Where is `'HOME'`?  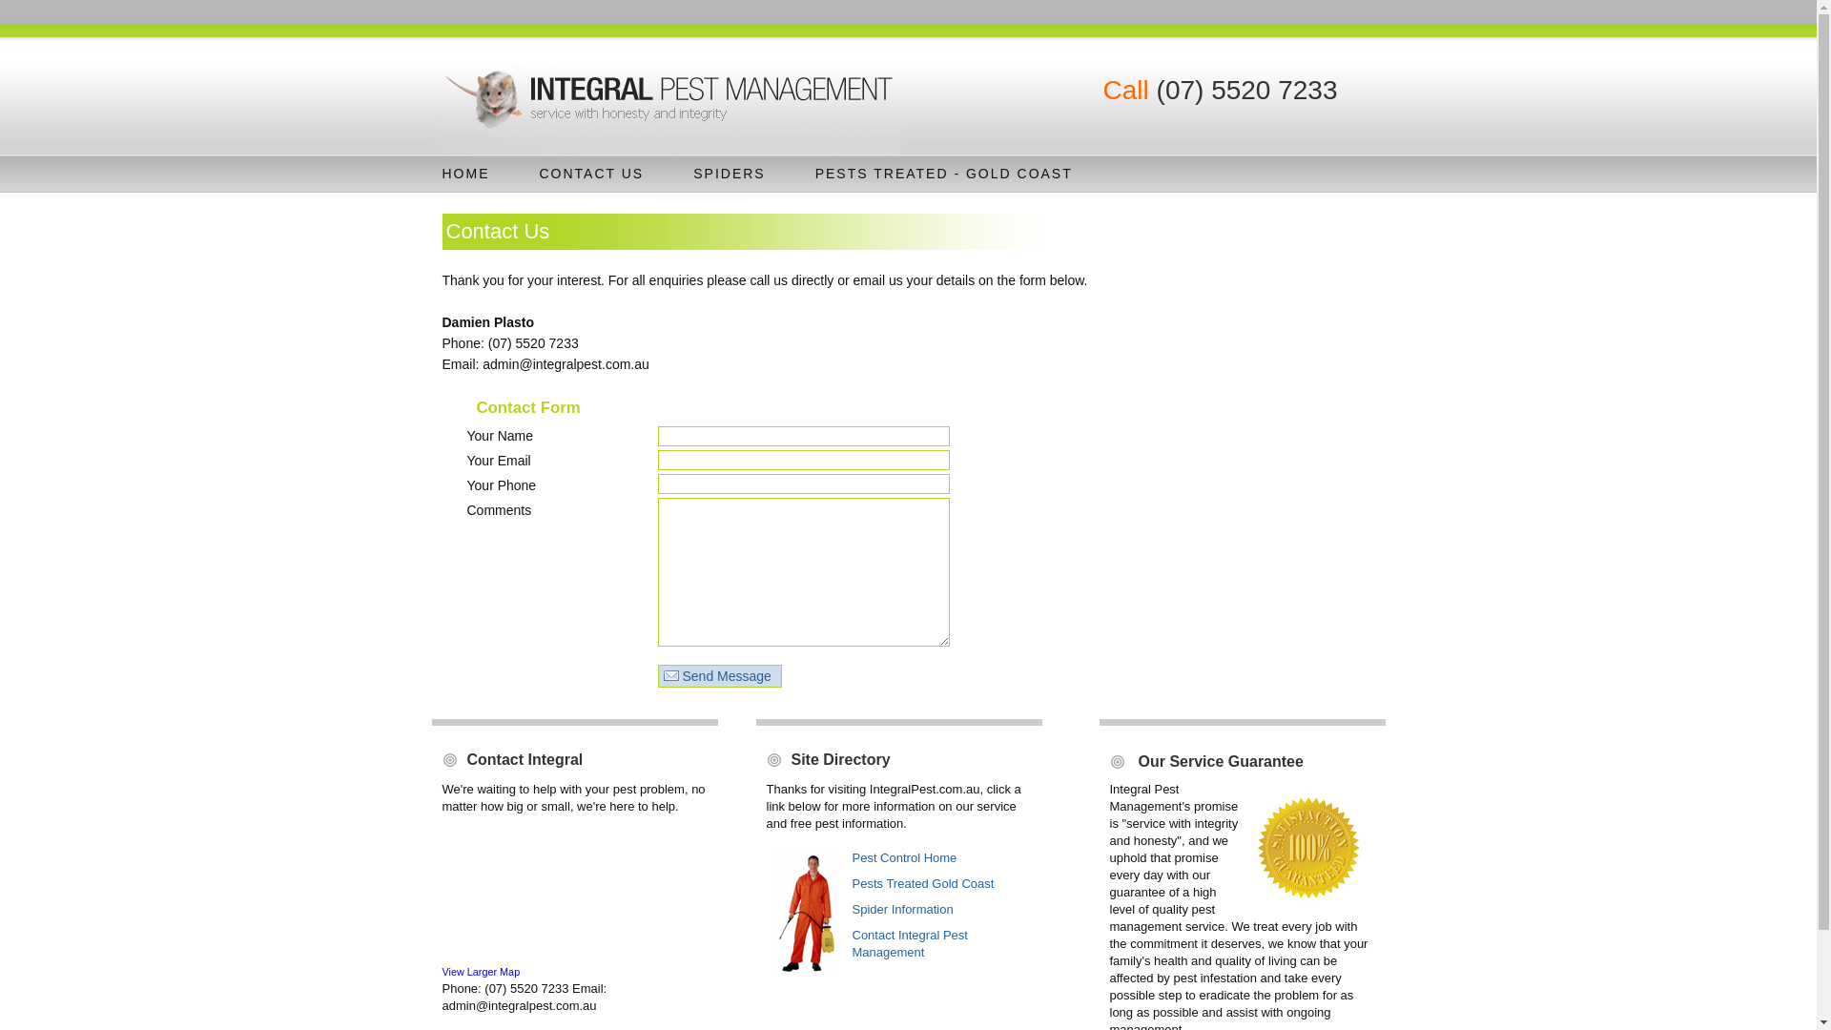 'HOME' is located at coordinates (465, 173).